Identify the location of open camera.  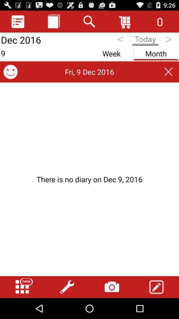
(112, 287).